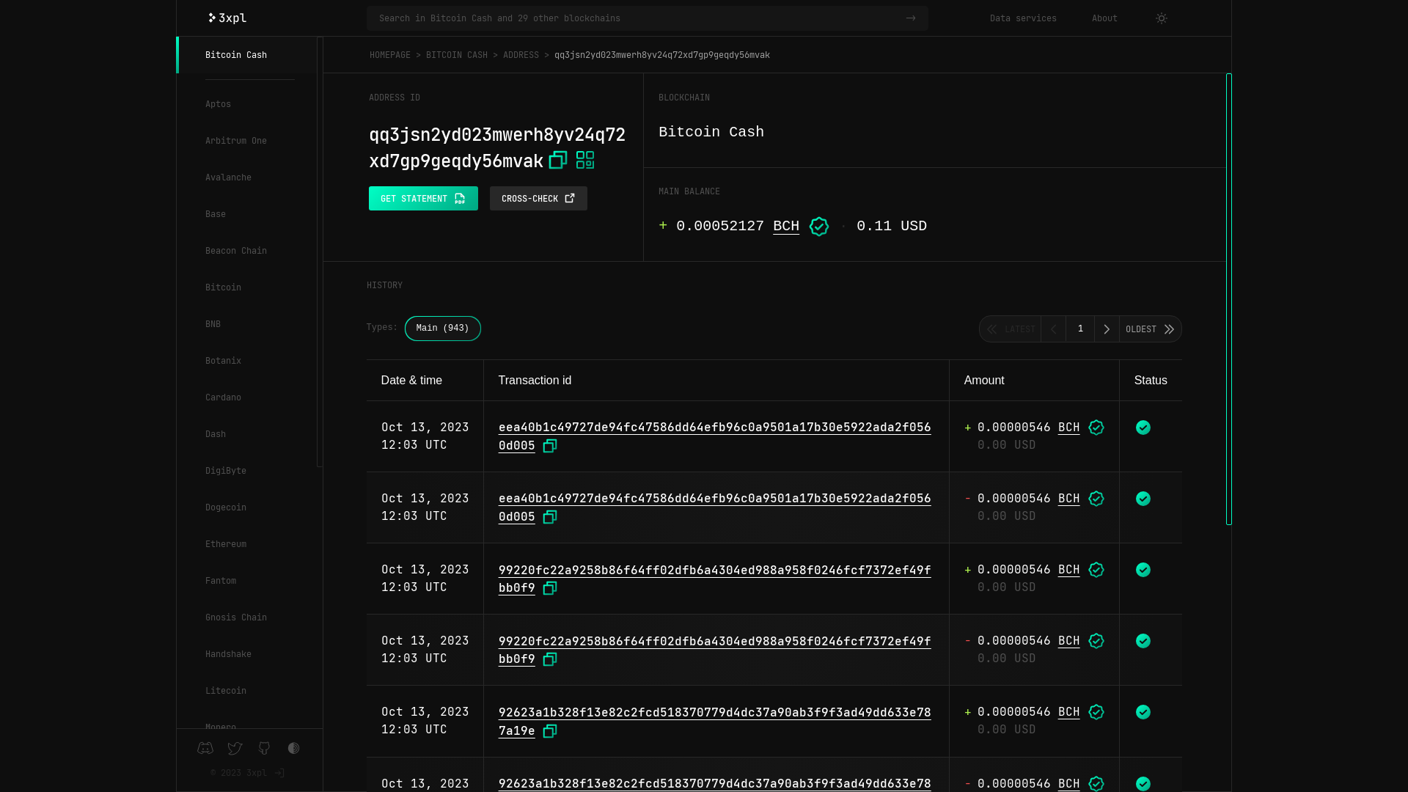 This screenshot has height=792, width=1408. What do you see at coordinates (176, 506) in the screenshot?
I see `'Dogecoin'` at bounding box center [176, 506].